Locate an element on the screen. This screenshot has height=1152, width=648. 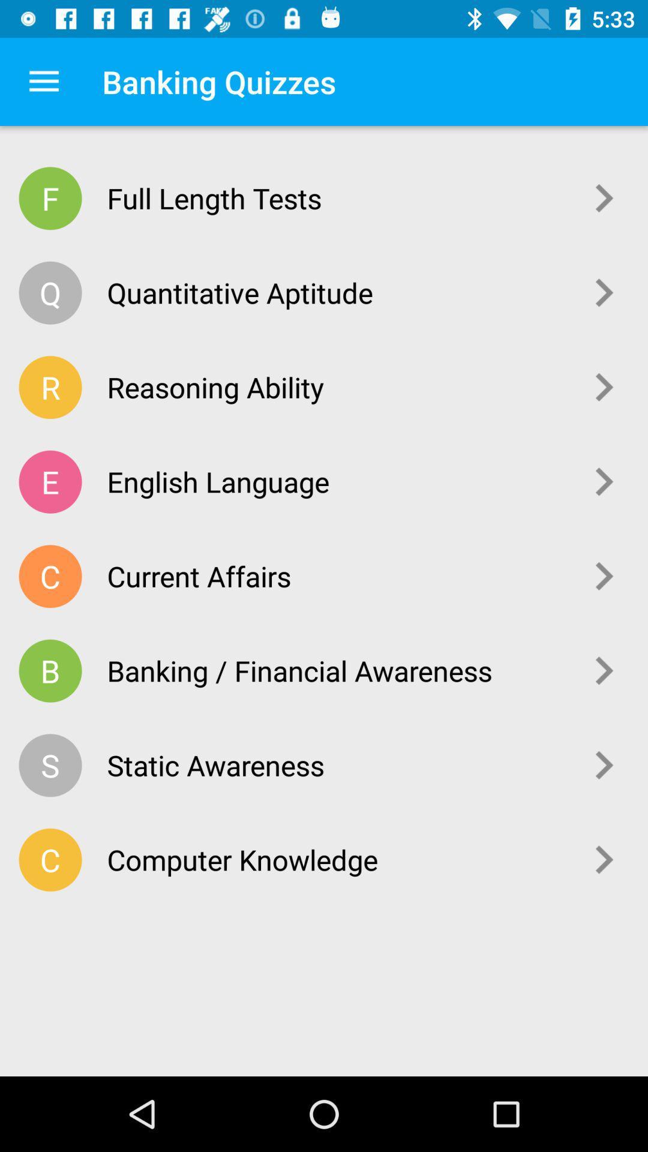
item to the left of english language item is located at coordinates (50, 482).